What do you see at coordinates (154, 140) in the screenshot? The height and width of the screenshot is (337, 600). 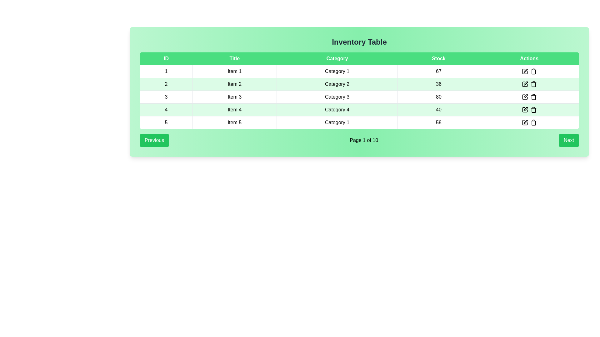 I see `the 'Previous' button, which is a green rectangular button with rounded corners and white text, located at the bottom-left corner of the pagination controls` at bounding box center [154, 140].